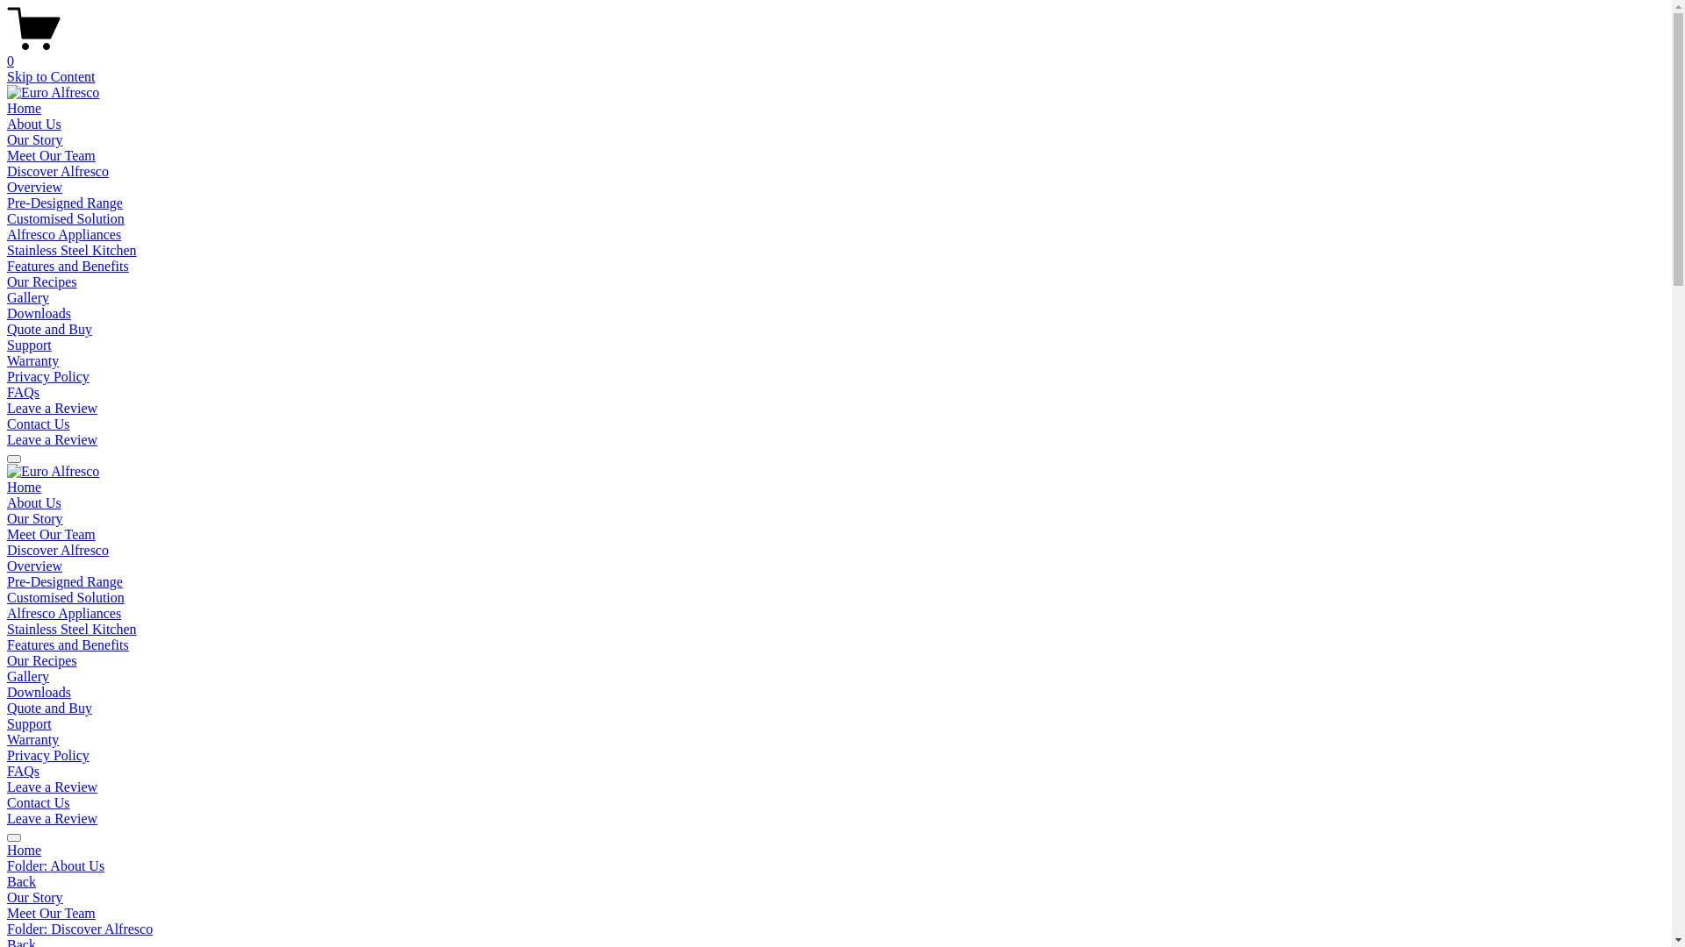  Describe the element at coordinates (39, 691) in the screenshot. I see `'Downloads'` at that location.